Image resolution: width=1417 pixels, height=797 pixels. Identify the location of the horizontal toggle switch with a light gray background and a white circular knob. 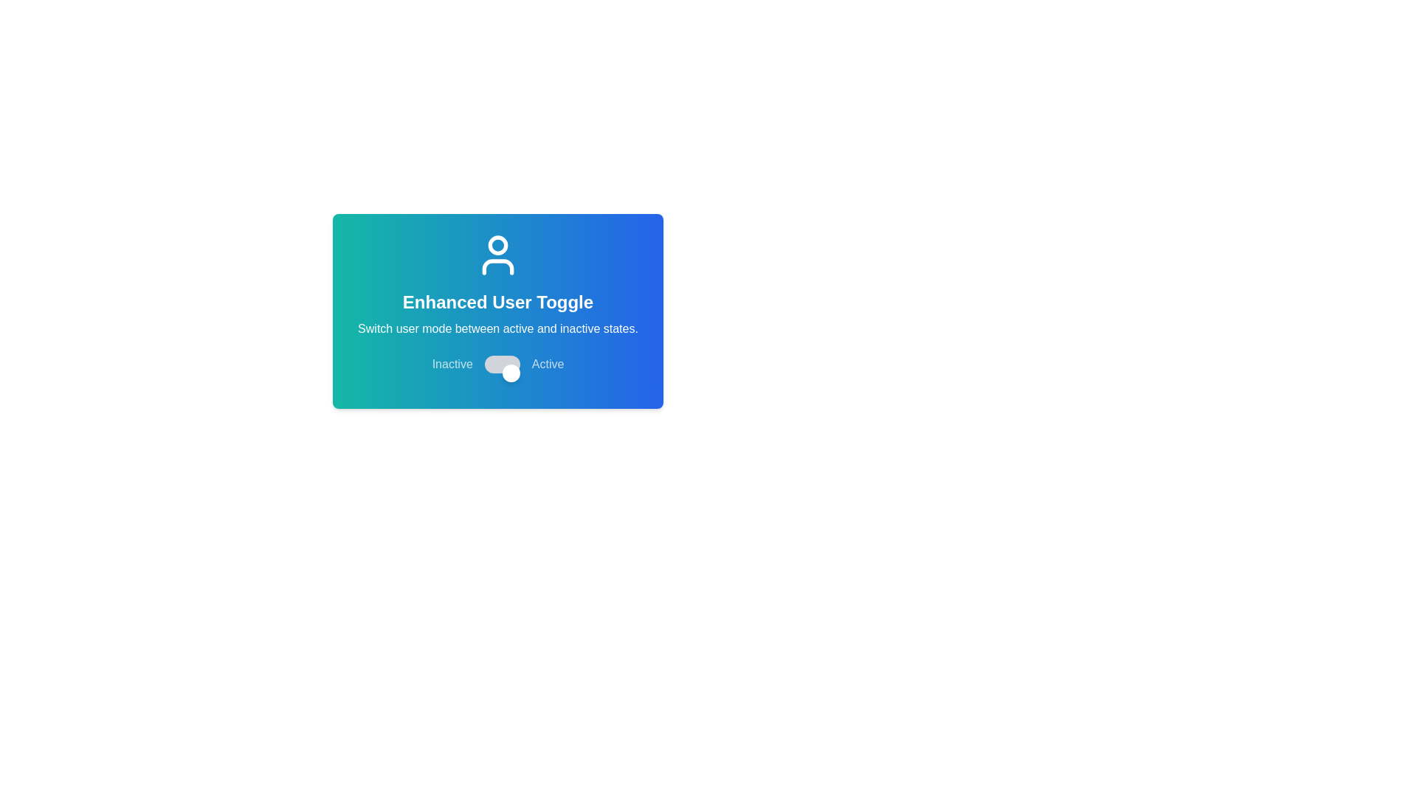
(502, 364).